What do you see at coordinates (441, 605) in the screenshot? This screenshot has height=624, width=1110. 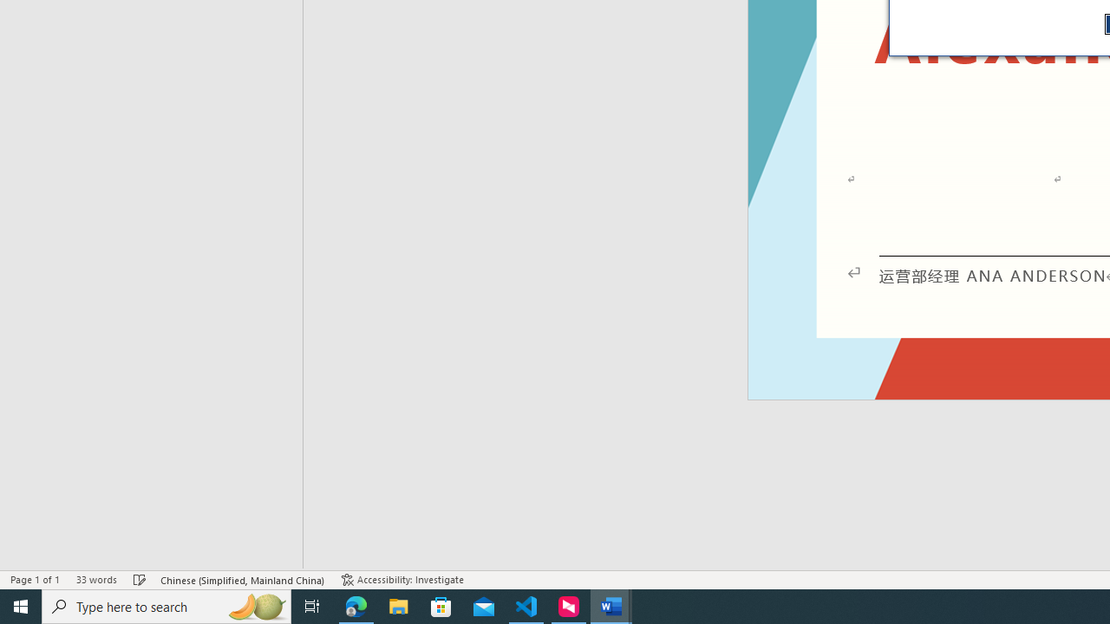 I see `'Microsoft Store'` at bounding box center [441, 605].